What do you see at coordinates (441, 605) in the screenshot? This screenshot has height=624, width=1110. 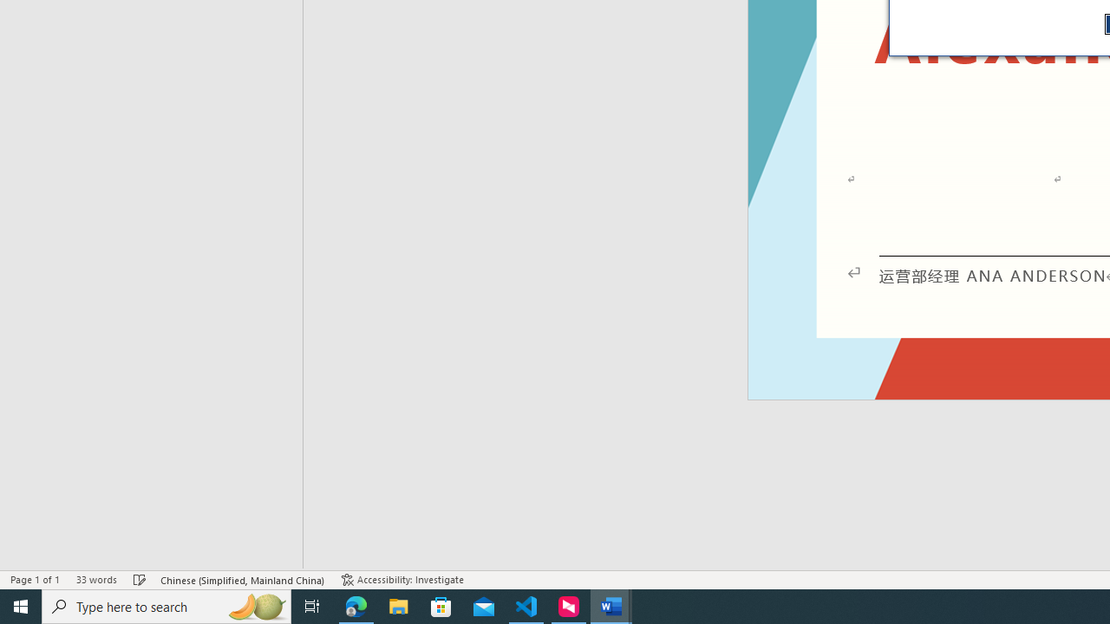 I see `'Microsoft Store'` at bounding box center [441, 605].